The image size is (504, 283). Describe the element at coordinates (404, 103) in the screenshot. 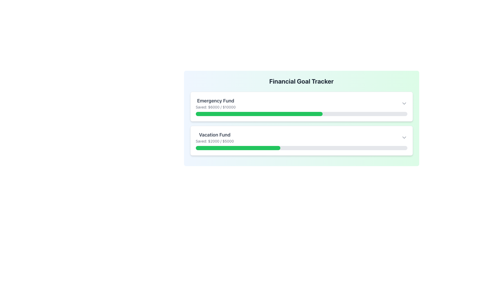

I see `the dropdown toggle button or expandable icon located in the 'Emergency Fund' section to change its color` at that location.